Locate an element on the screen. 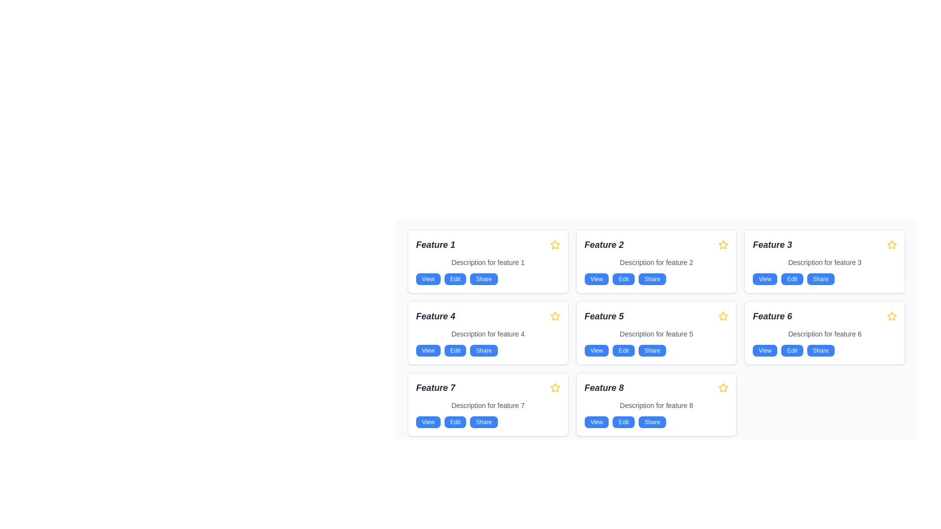  the blue 'View' button with rounded corners located in the 'Feature 3' card, which is the first of three horizontally aligned buttons is located at coordinates (765, 279).